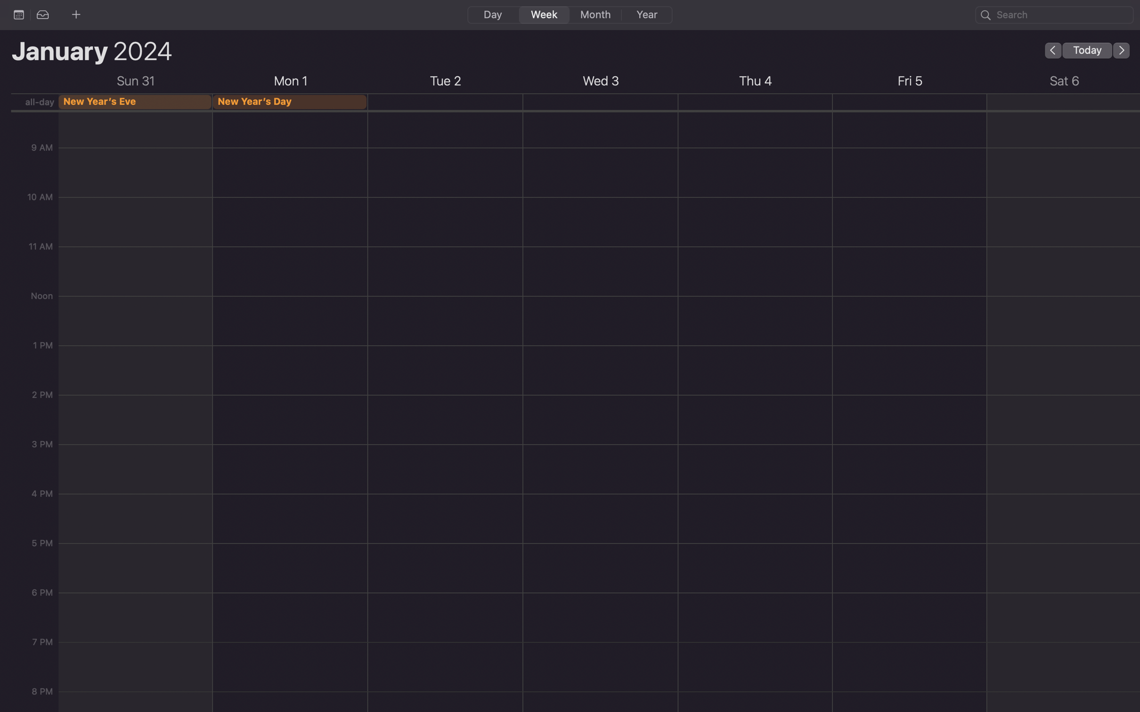 Image resolution: width=1140 pixels, height=712 pixels. Describe the element at coordinates (602, 608) in the screenshot. I see `Create an event for 6 pm on Wednesday` at that location.